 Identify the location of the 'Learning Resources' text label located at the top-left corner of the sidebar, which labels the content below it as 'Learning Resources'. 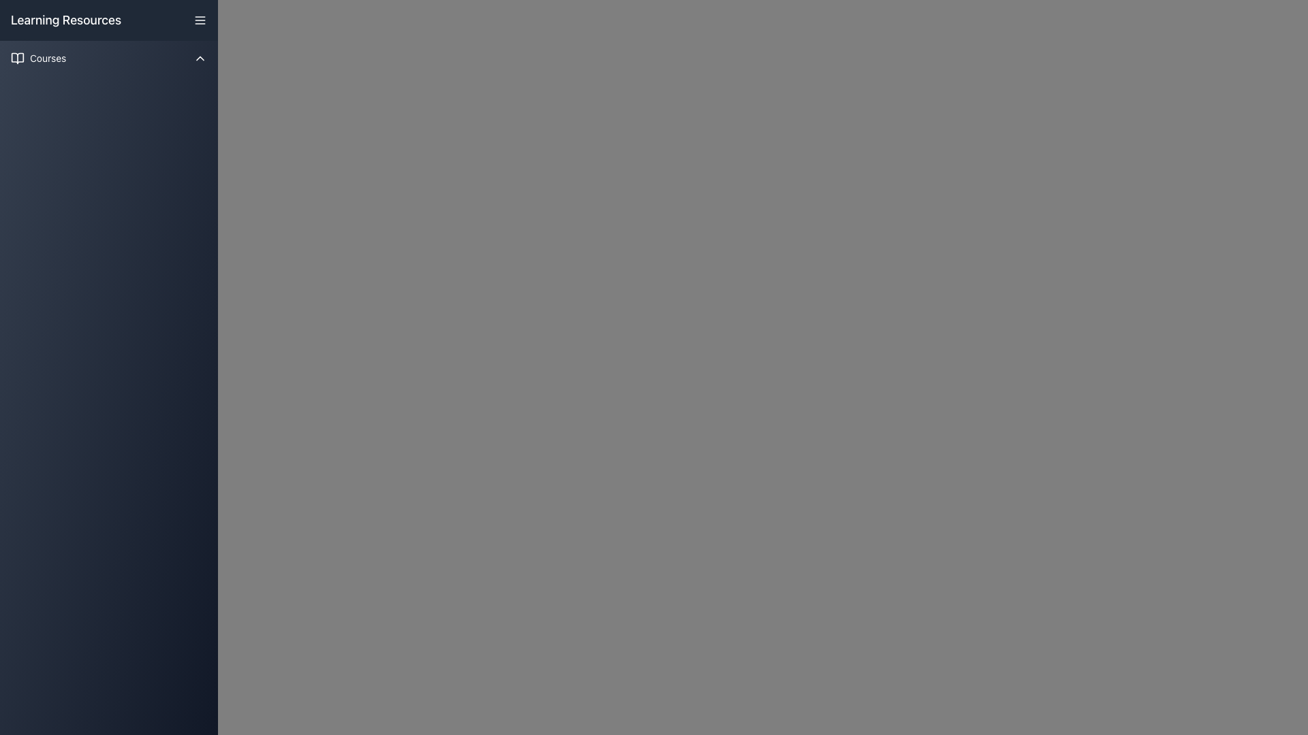
(65, 20).